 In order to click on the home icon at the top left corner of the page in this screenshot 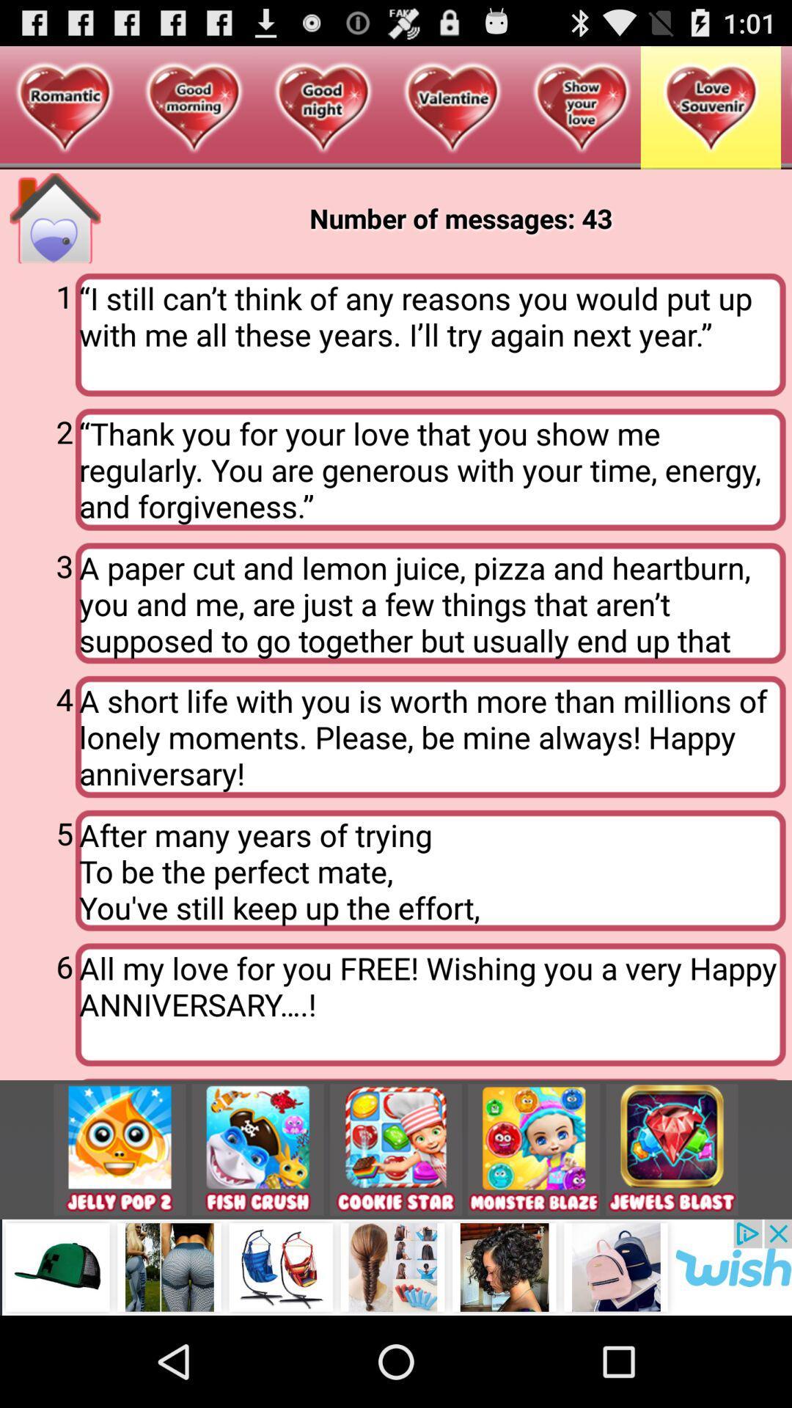, I will do `click(54, 217)`.